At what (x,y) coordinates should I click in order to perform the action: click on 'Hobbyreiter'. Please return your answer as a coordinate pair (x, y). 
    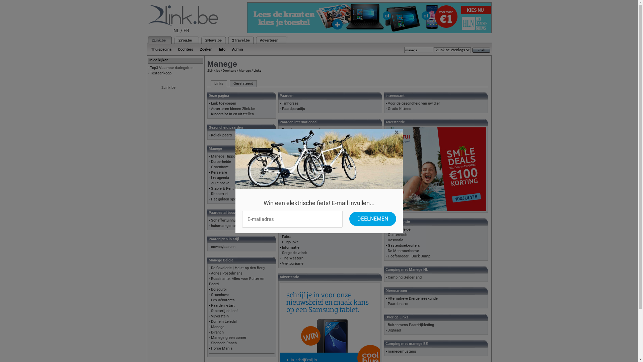
    Looking at the image, I should click on (291, 145).